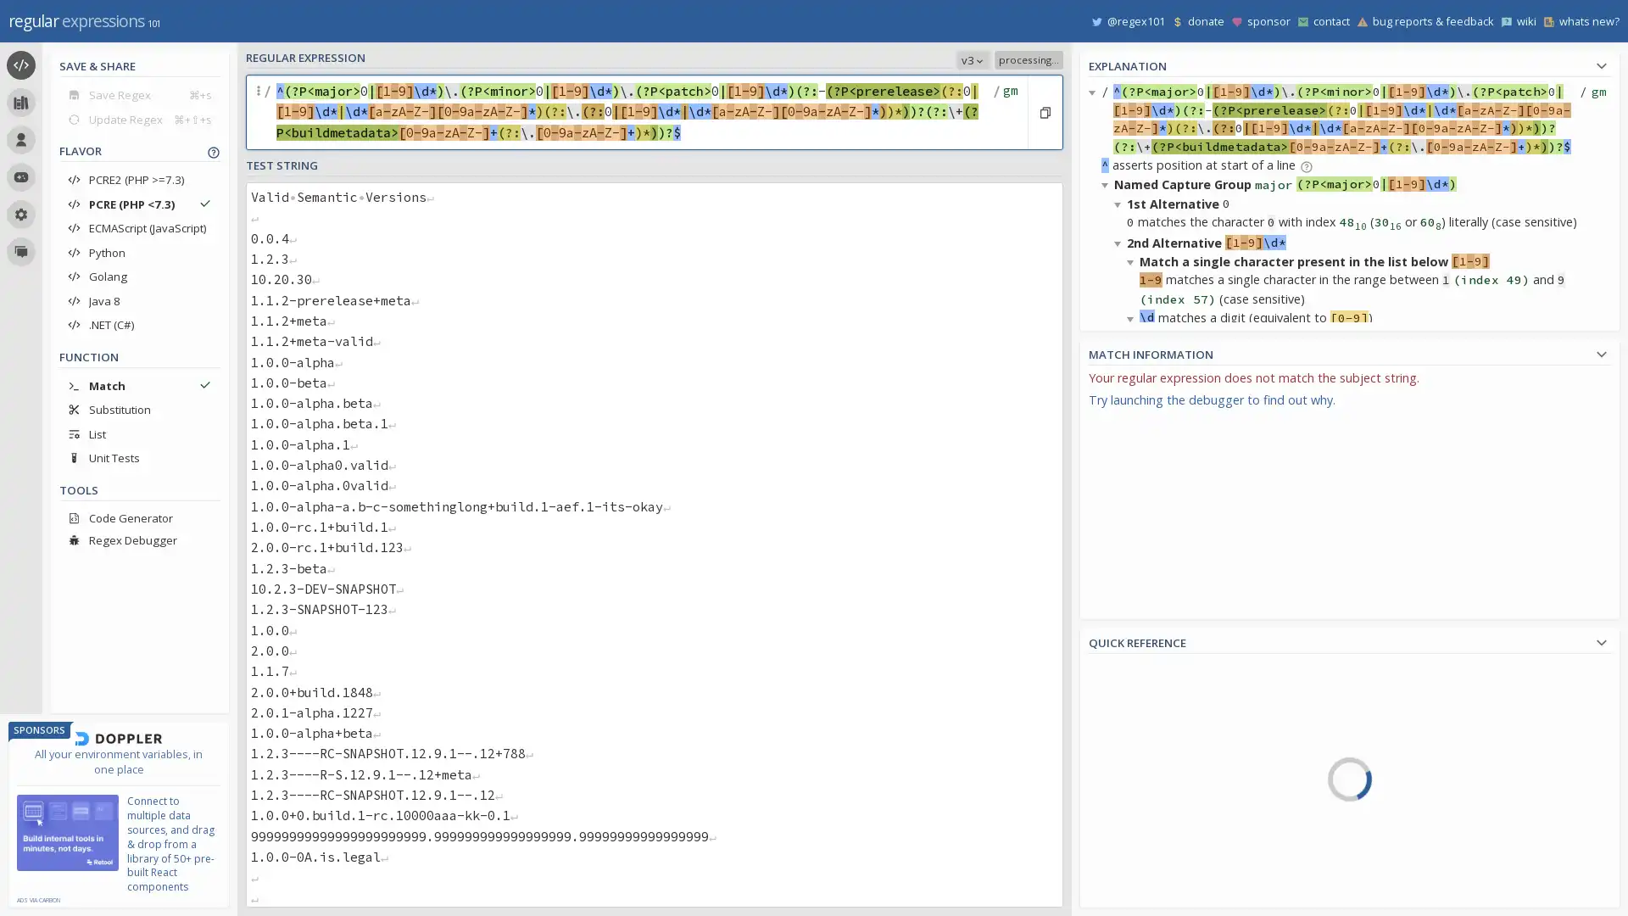  Describe the element at coordinates (1120, 242) in the screenshot. I see `Collapse Subtree` at that location.